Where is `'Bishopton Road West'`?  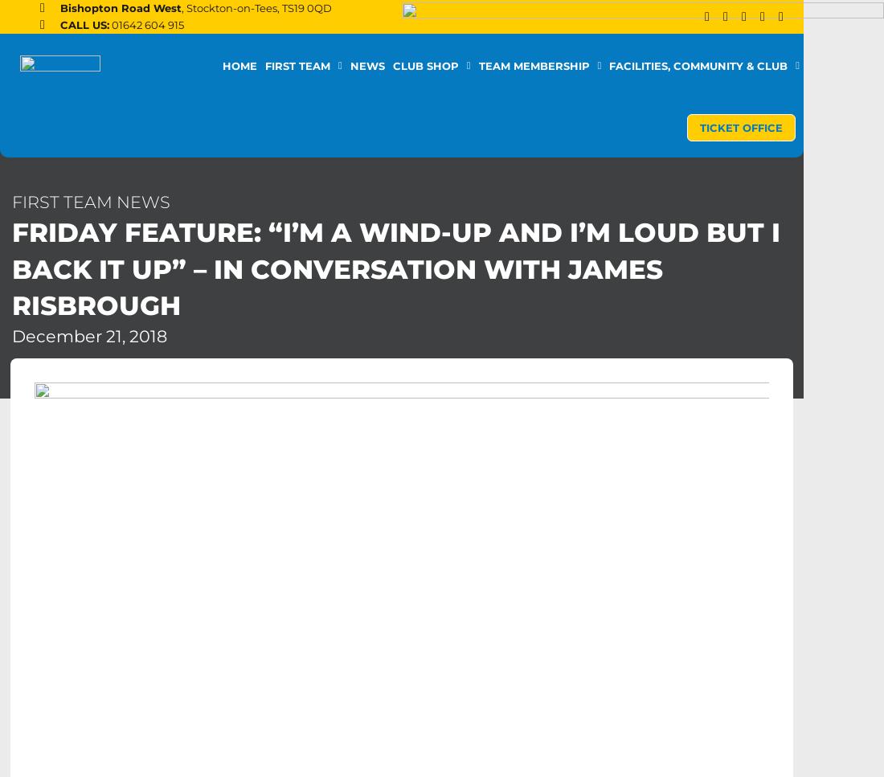 'Bishopton Road West' is located at coordinates (120, 7).